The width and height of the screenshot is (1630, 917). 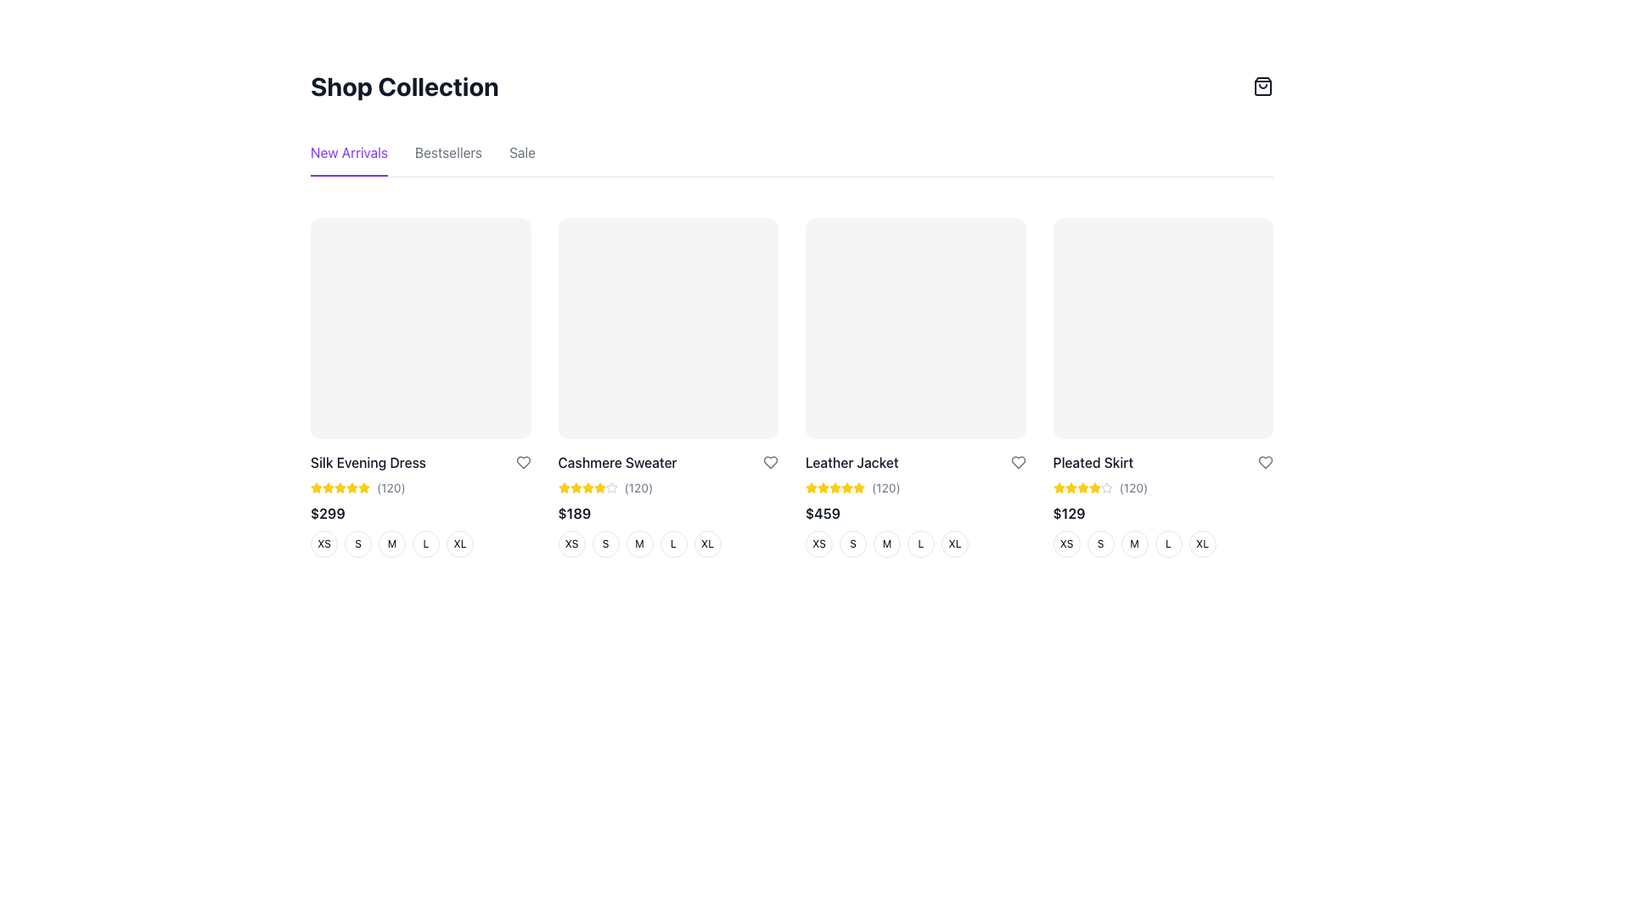 I want to click on the image placeholder in the first product card for 'Silk Evening Dress', which serves as the main display area at the top of the card, so click(x=420, y=328).